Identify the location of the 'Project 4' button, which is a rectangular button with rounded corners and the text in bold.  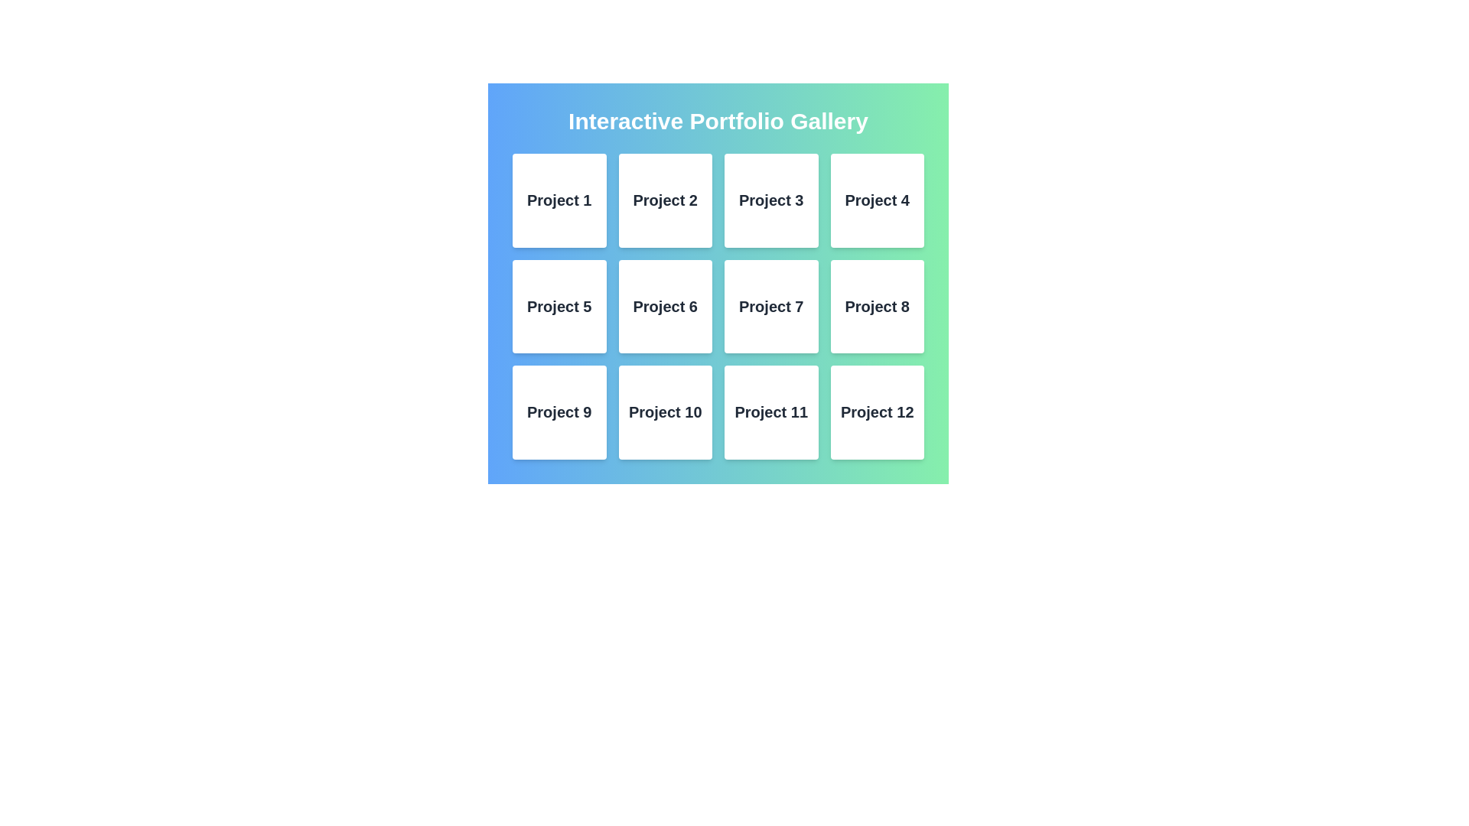
(877, 200).